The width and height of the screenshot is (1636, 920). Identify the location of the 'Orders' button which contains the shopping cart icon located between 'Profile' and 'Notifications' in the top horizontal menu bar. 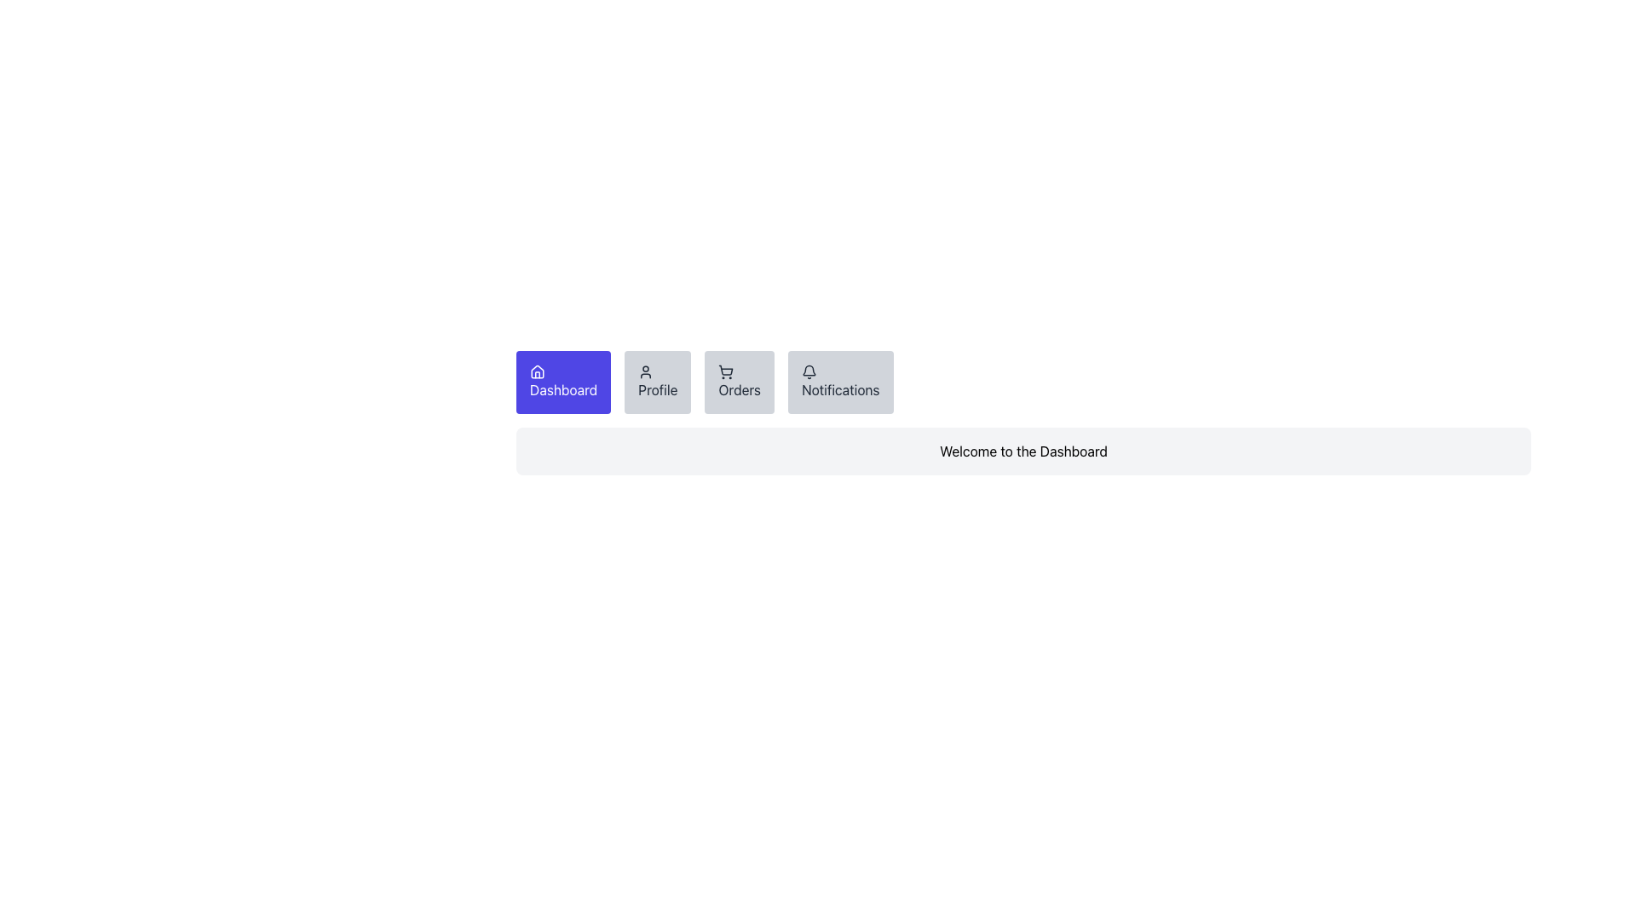
(726, 369).